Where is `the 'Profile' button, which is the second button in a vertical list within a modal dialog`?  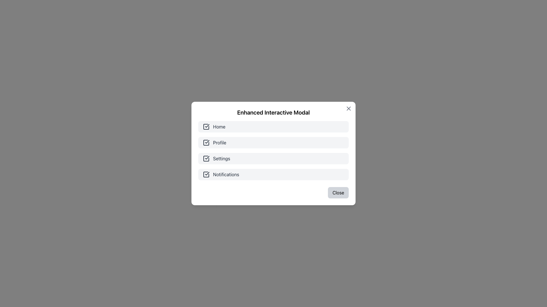 the 'Profile' button, which is the second button in a vertical list within a modal dialog is located at coordinates (273, 142).